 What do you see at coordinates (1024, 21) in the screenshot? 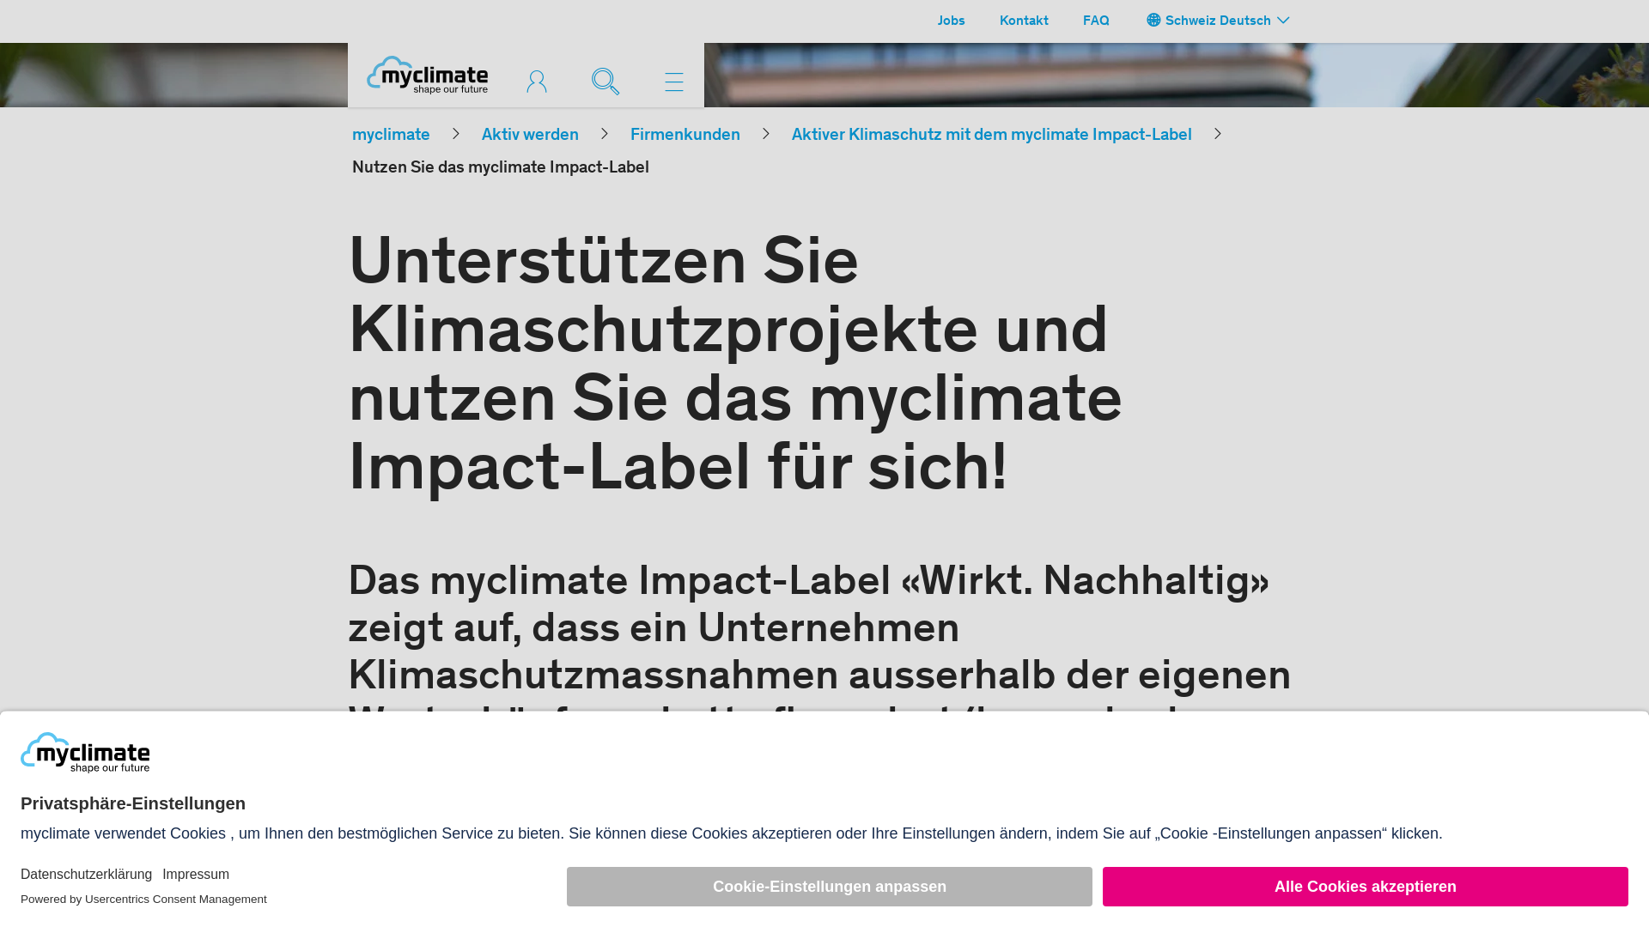
I see `'Kontakt'` at bounding box center [1024, 21].